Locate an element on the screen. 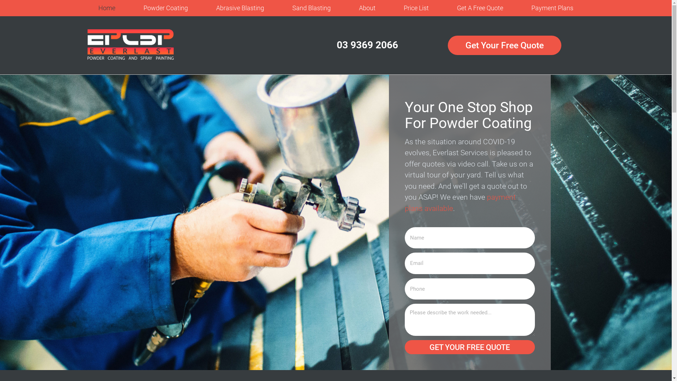 Image resolution: width=677 pixels, height=381 pixels. 'Powder Coating' is located at coordinates (165, 8).